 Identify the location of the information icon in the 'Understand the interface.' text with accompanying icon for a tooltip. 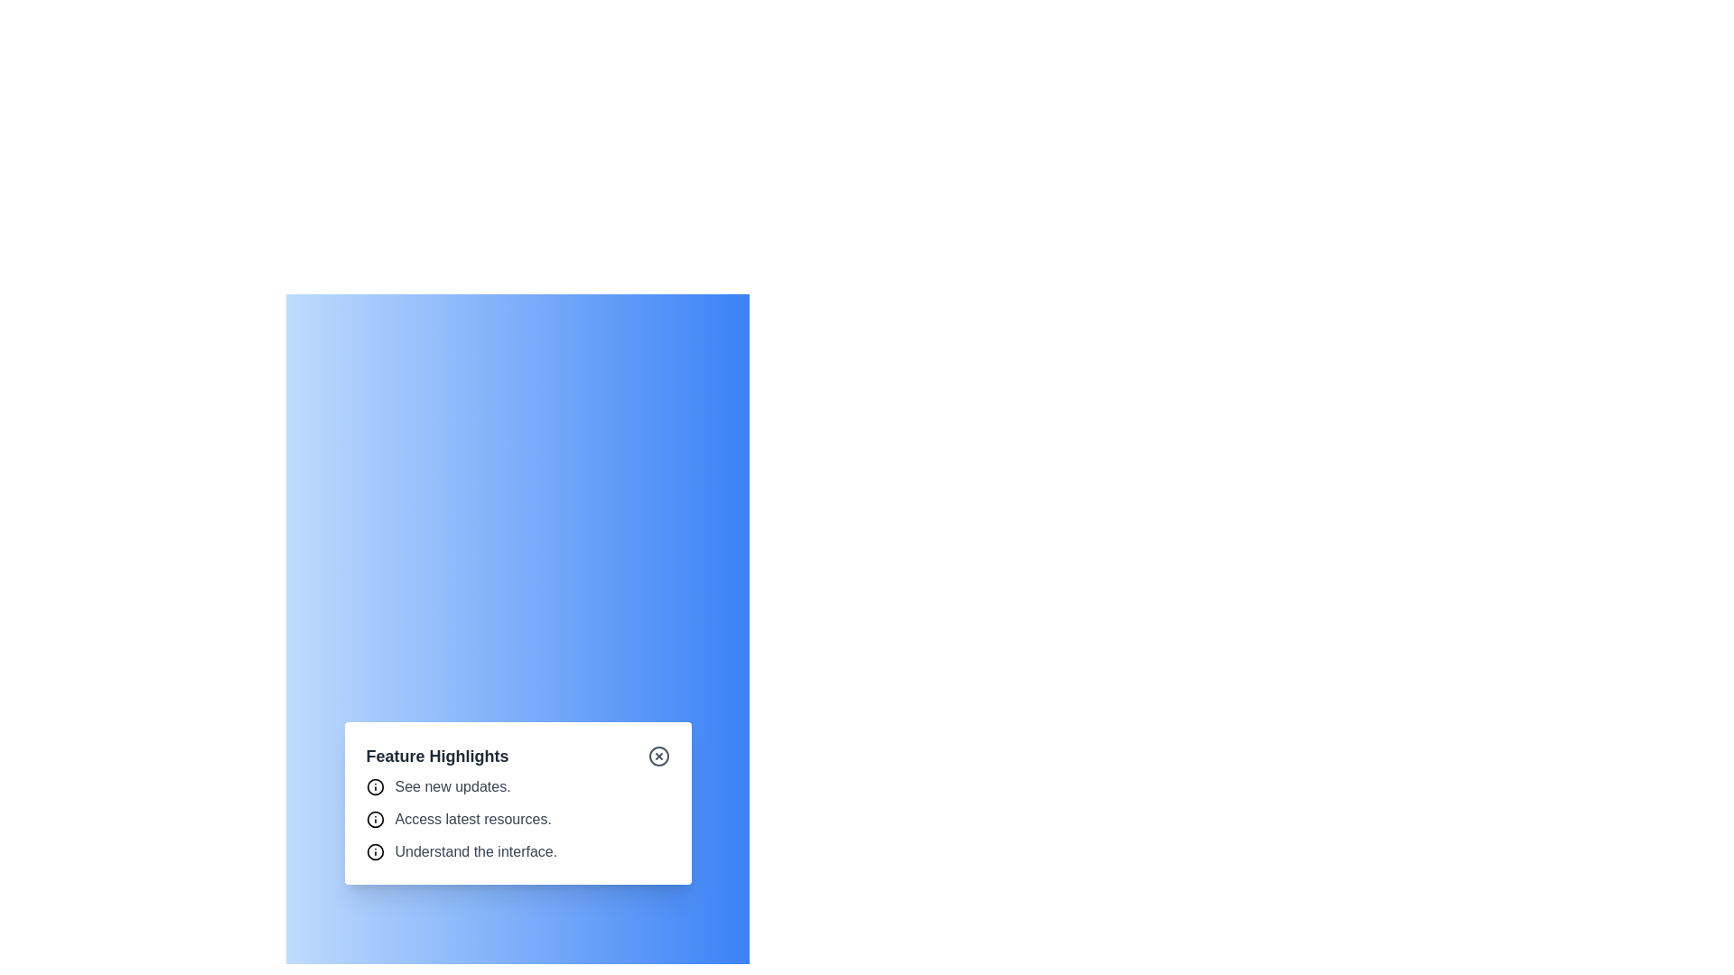
(517, 852).